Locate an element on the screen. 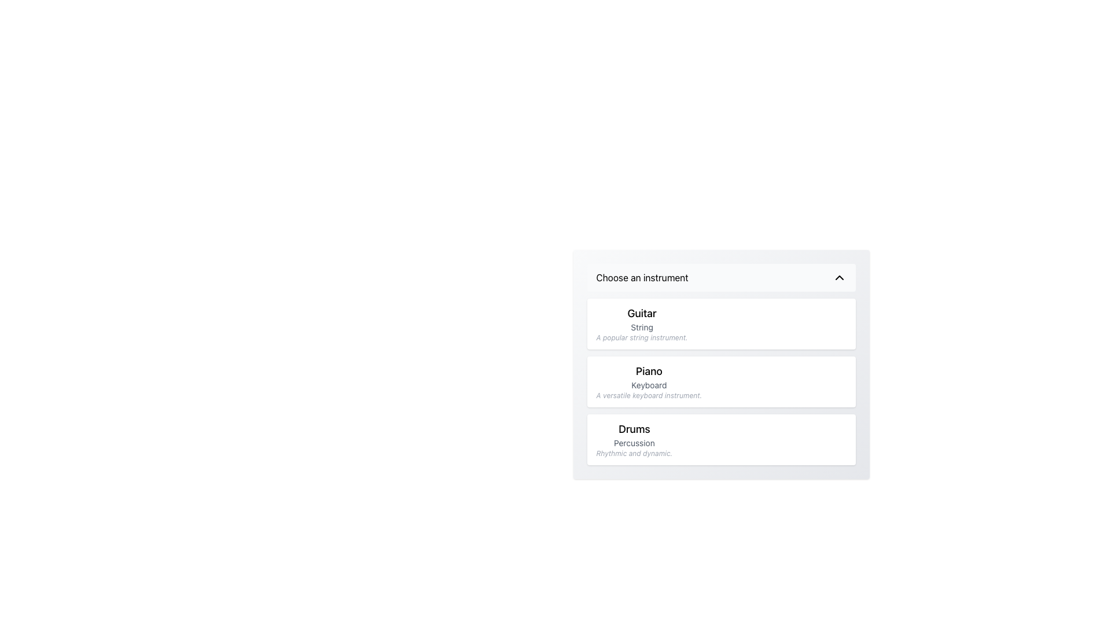  the text label that serves as a sub-label for the main text 'Guitar', providing additional clarification above the description 'A popular string instrument' is located at coordinates (641, 328).